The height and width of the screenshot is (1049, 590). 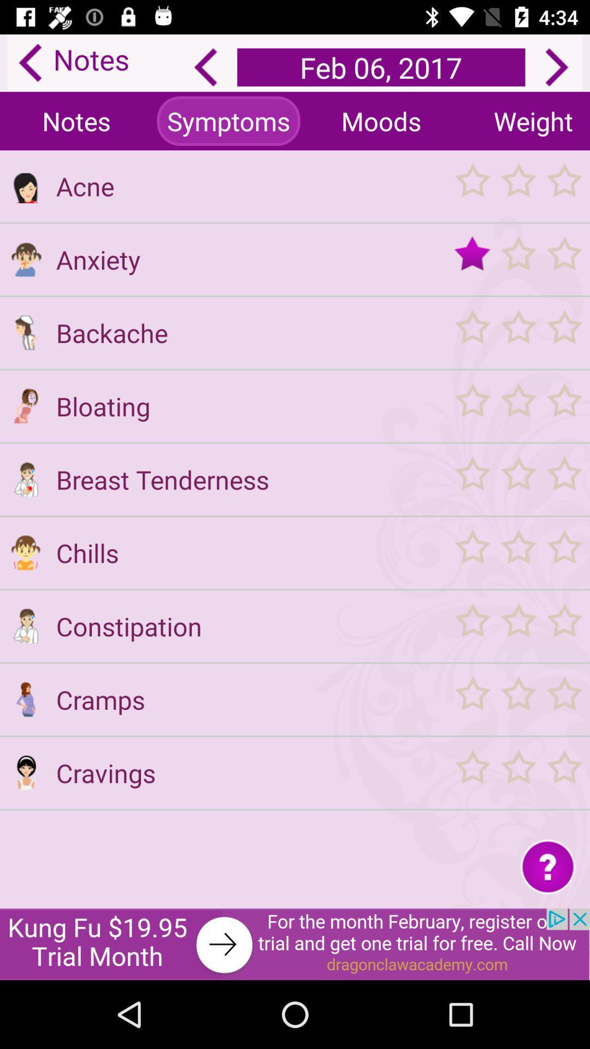 What do you see at coordinates (517, 405) in the screenshot?
I see `rate bloating` at bounding box center [517, 405].